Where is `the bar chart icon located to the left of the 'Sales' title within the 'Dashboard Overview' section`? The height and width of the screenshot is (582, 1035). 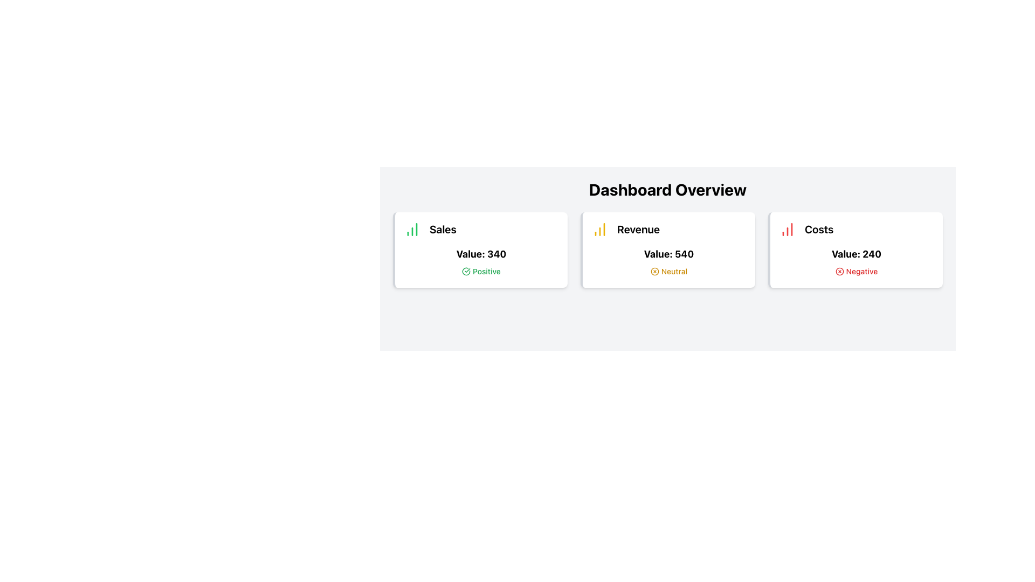
the bar chart icon located to the left of the 'Sales' title within the 'Dashboard Overview' section is located at coordinates (411, 228).